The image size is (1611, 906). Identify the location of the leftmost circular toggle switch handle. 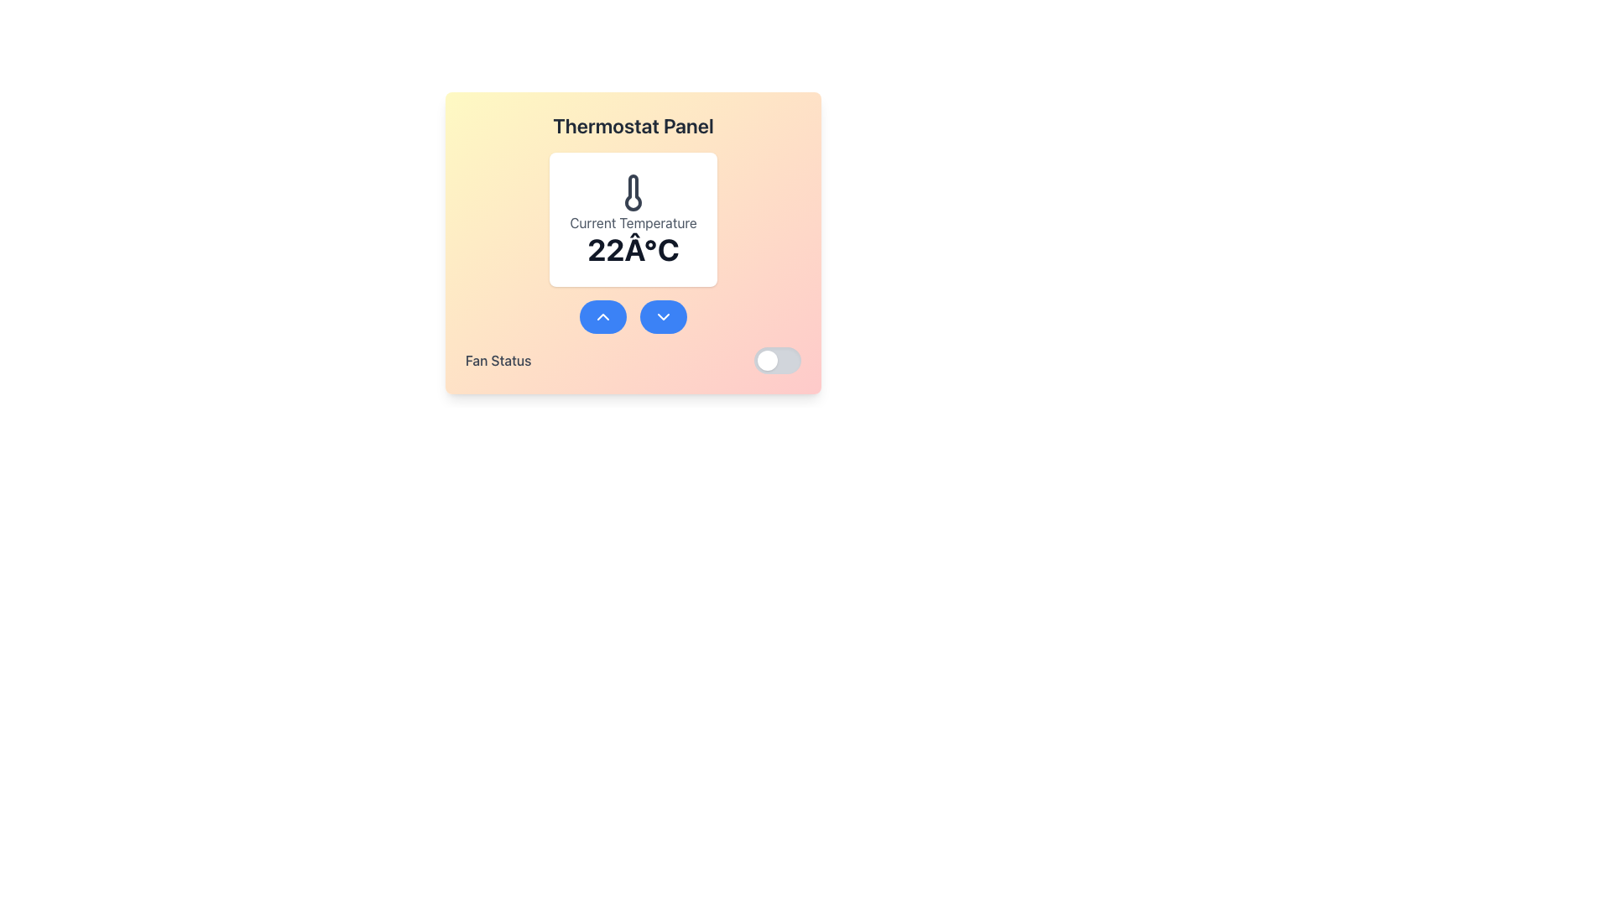
(767, 359).